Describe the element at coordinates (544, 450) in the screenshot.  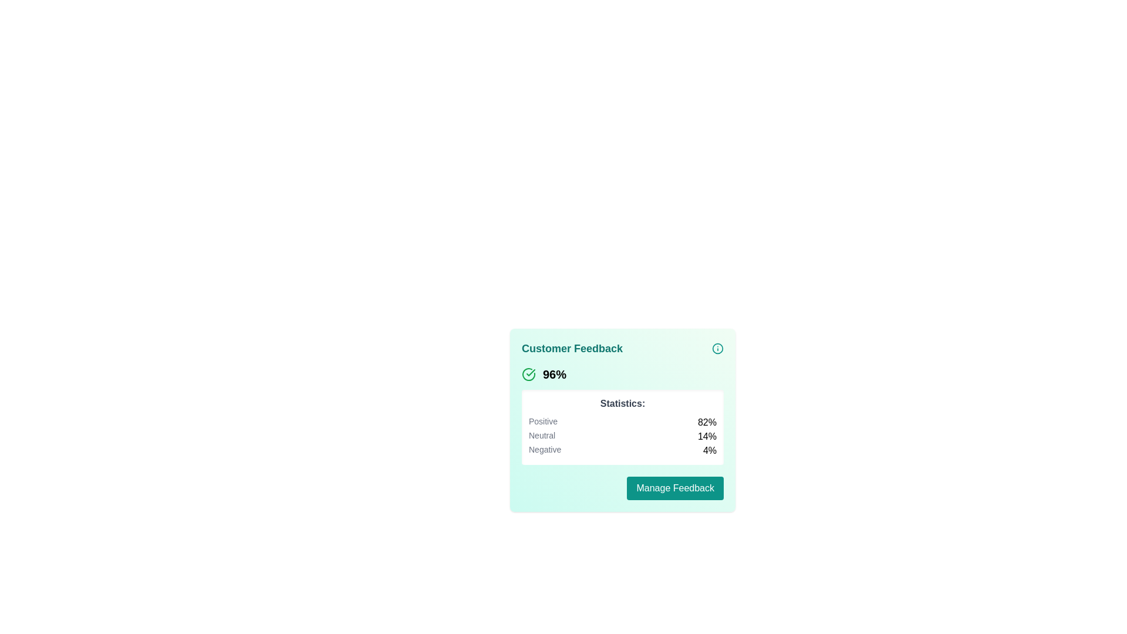
I see `the 'Negative' text label that indicates the category in the statistical breakdown, which is located on the left side of the flexbox layout adjacent to the '4%' percentage value` at that location.